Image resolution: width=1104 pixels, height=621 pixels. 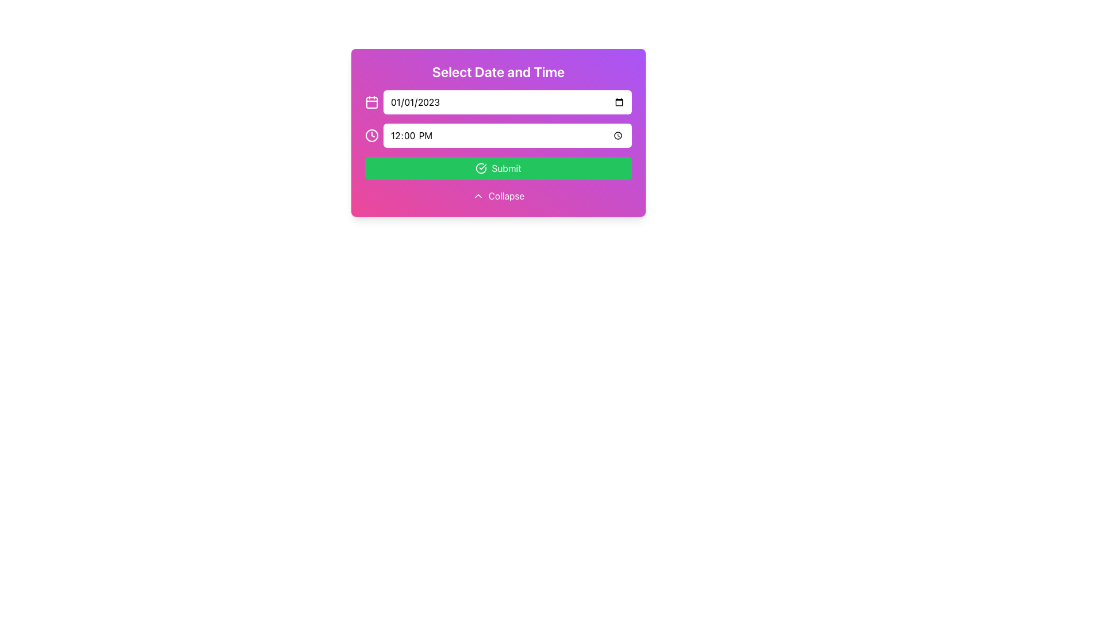 What do you see at coordinates (372, 101) in the screenshot?
I see `the small square-shaped calendar icon located to the left of the date input field labeled '01/01/2023' in the 'Select Date and Time' form` at bounding box center [372, 101].